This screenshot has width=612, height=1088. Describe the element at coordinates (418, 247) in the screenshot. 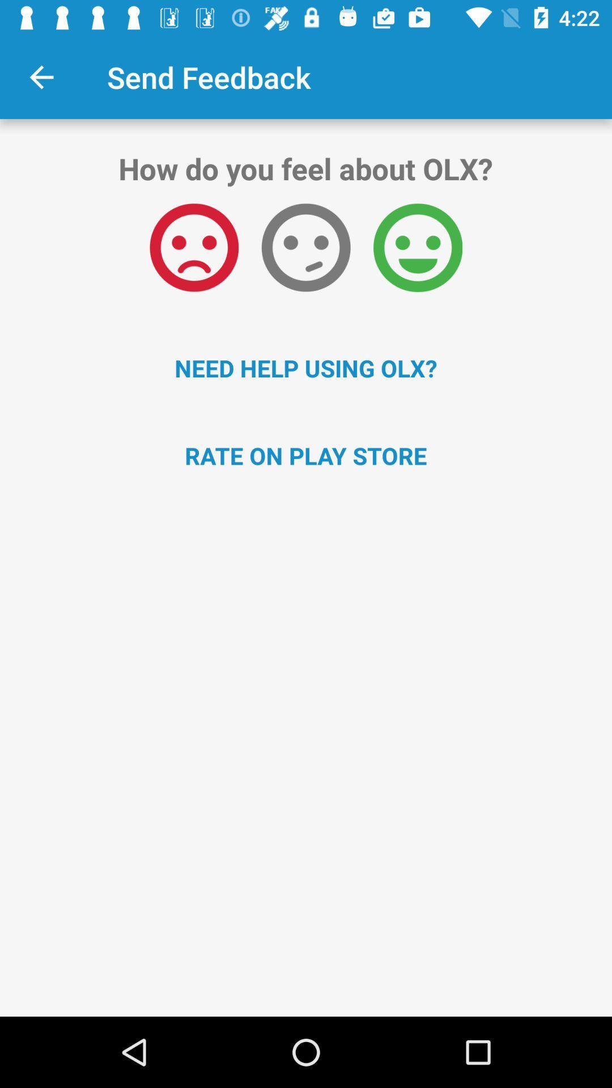

I see `the item below the how do you item` at that location.